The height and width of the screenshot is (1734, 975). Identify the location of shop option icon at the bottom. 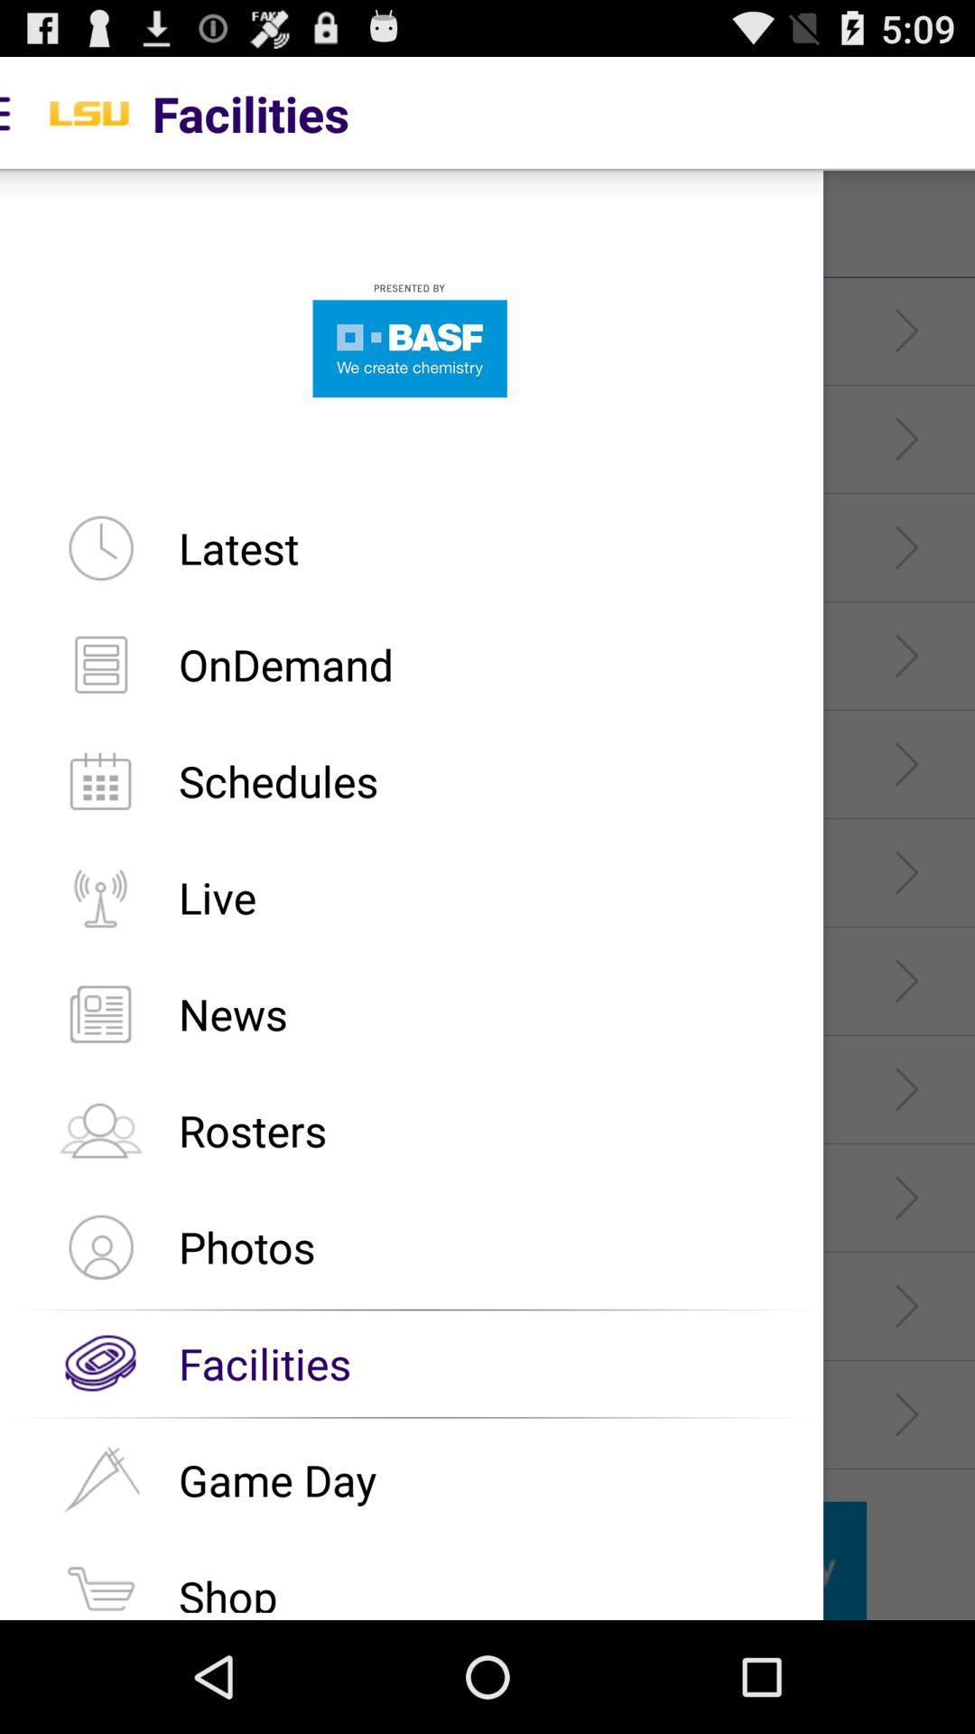
(100, 1582).